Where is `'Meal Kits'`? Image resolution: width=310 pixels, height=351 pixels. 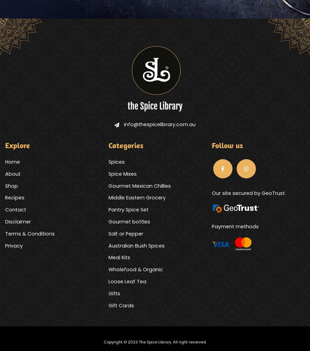 'Meal Kits' is located at coordinates (108, 257).